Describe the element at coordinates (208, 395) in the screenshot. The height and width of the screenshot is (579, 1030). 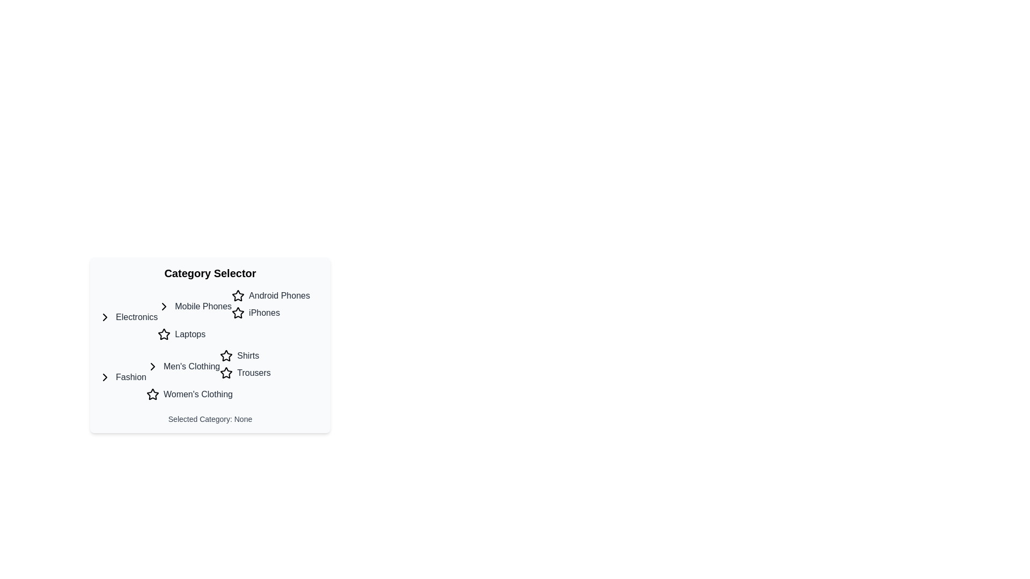
I see `the 'Women's Clothing' selectable category label located beneath the 'Men's Clothing' item in the category selector panel` at that location.